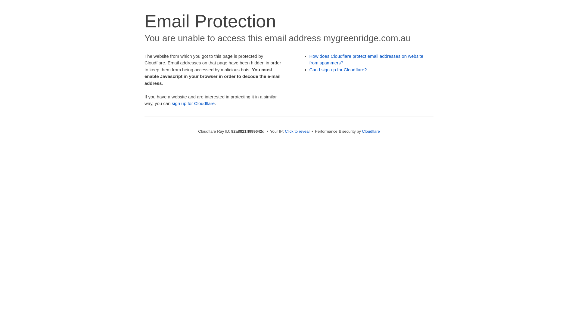  What do you see at coordinates (297, 131) in the screenshot?
I see `'Click to reveal'` at bounding box center [297, 131].